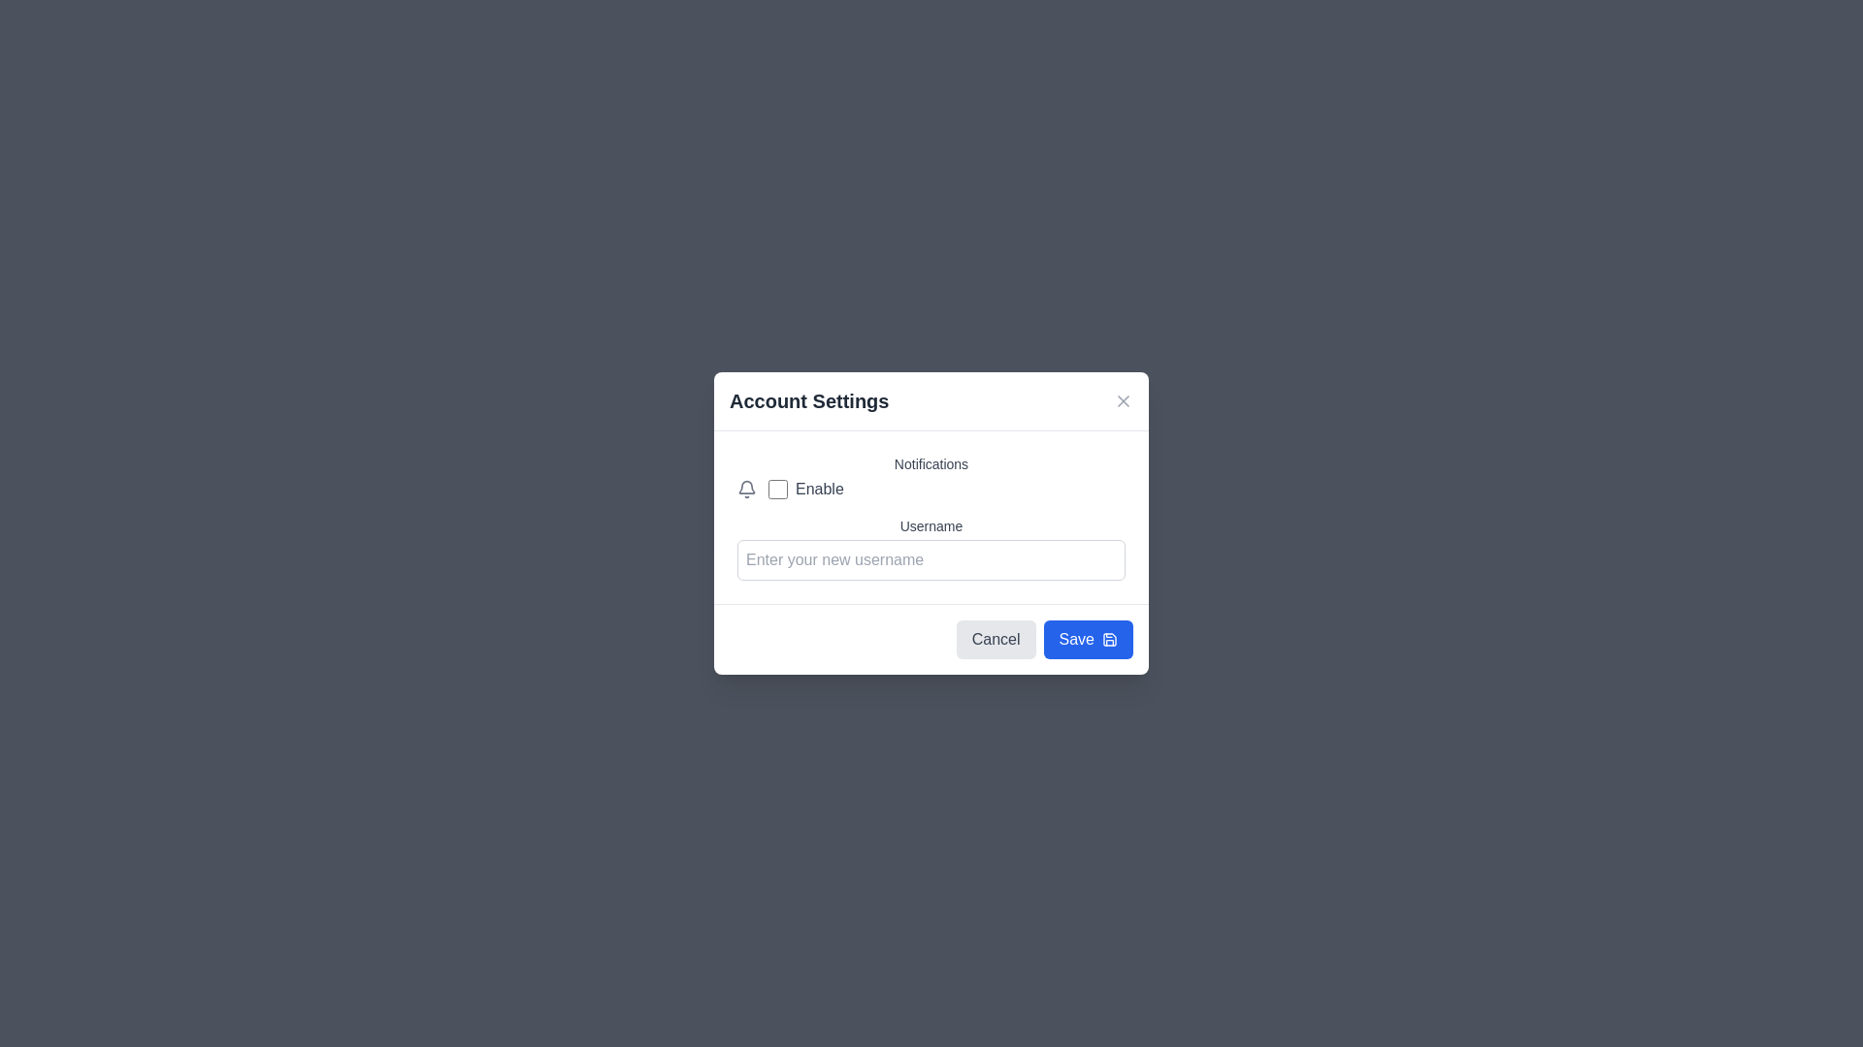  What do you see at coordinates (931, 526) in the screenshot?
I see `the static text label indicating the purpose of the input field for the username located in the 'Account Settings' section` at bounding box center [931, 526].